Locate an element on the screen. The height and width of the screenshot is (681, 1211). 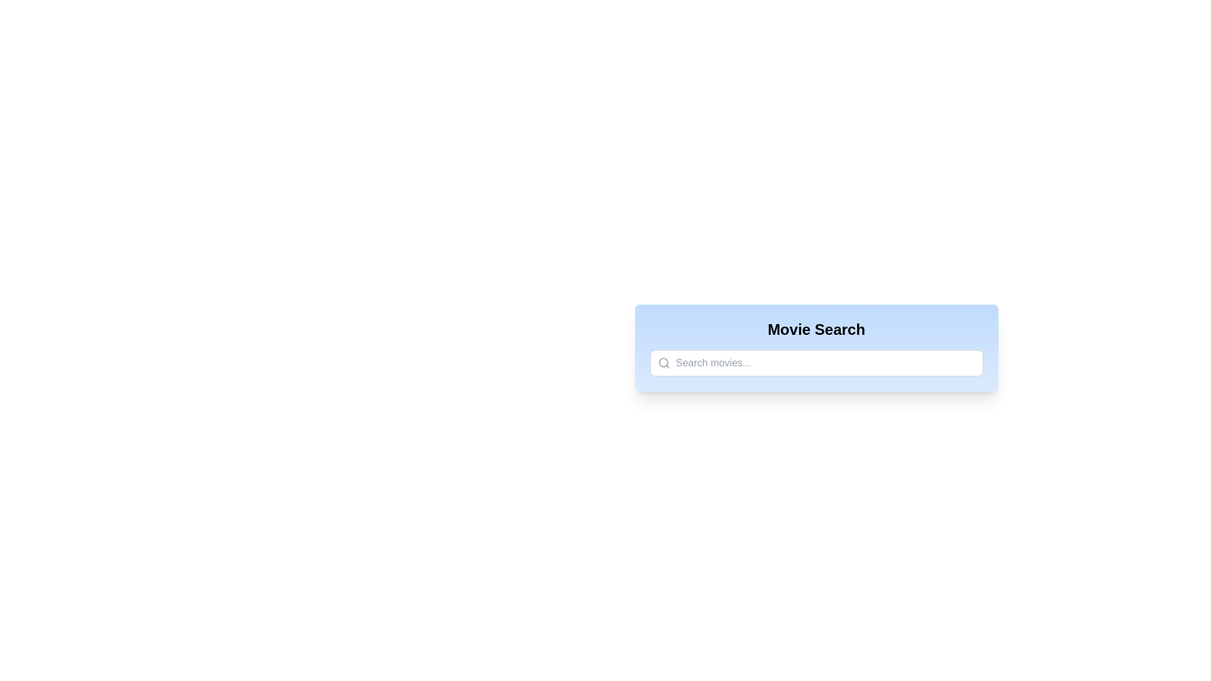
the circular icon of the magnifying glass located in the search bar, which has no fill and a defined stroke color is located at coordinates (662, 363).